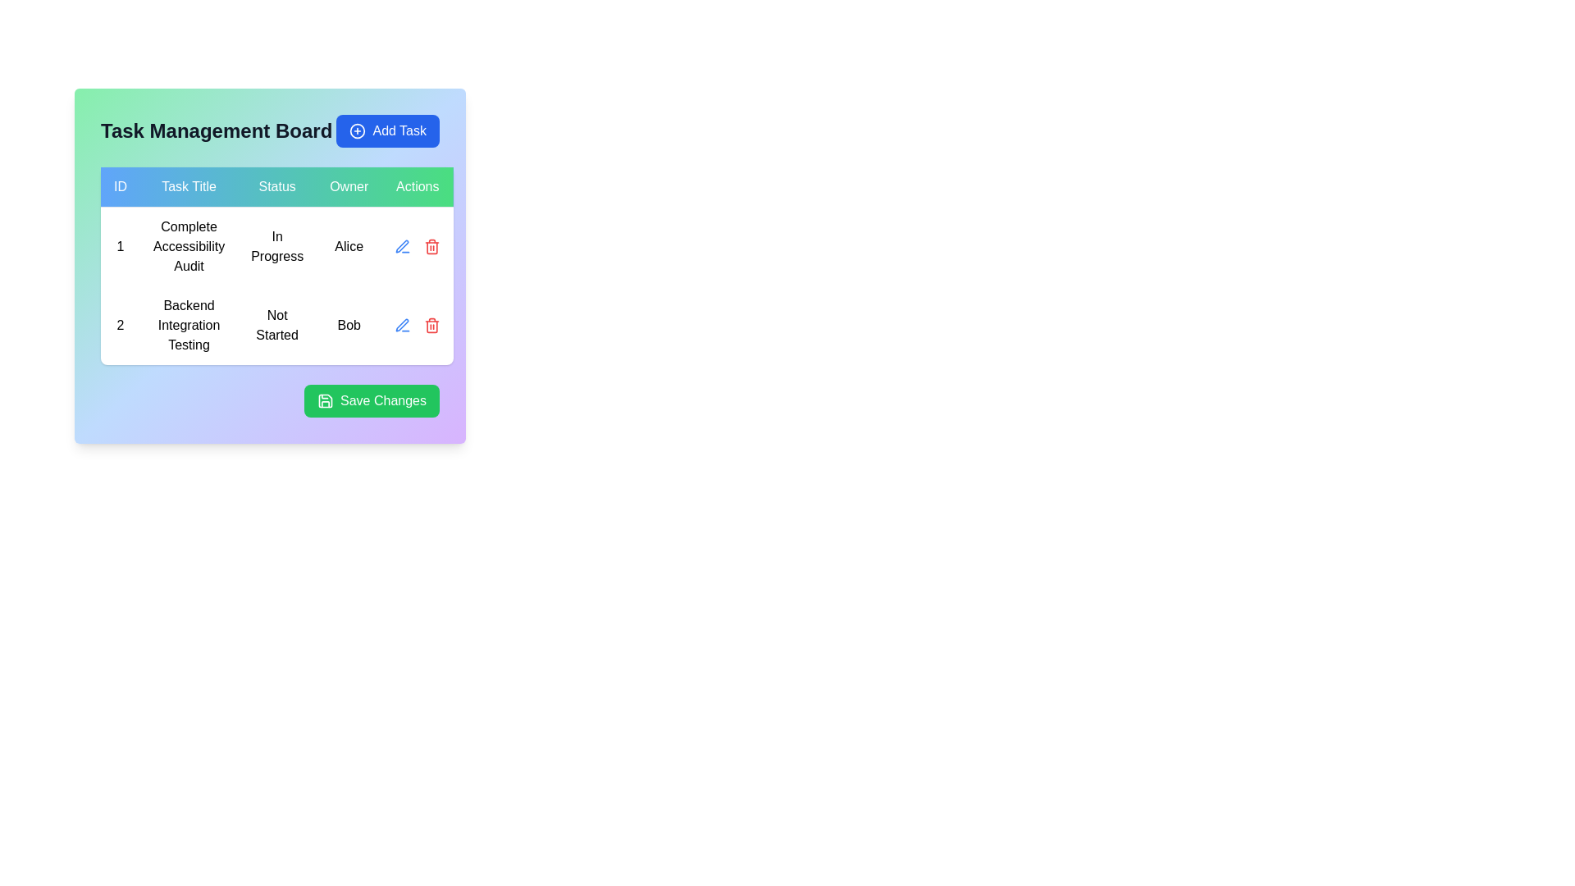  Describe the element at coordinates (189, 246) in the screenshot. I see `the text label representing the task name in the 'Task Title' column of the first row in the 'Task Management Board' table` at that location.